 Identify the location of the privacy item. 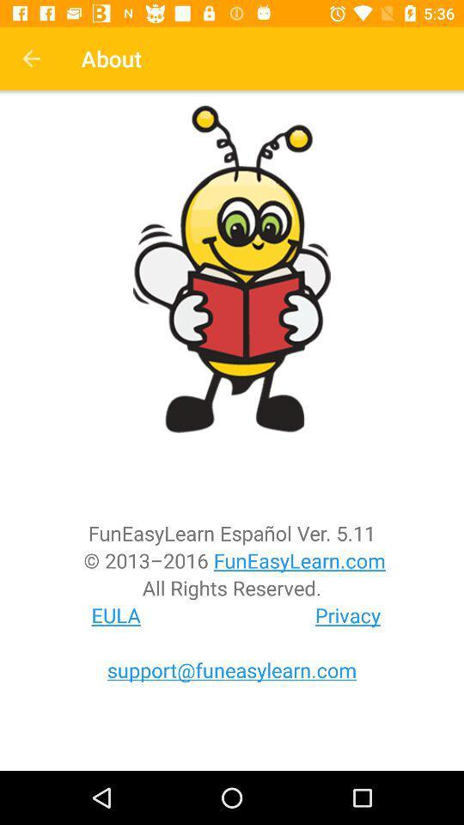
(348, 615).